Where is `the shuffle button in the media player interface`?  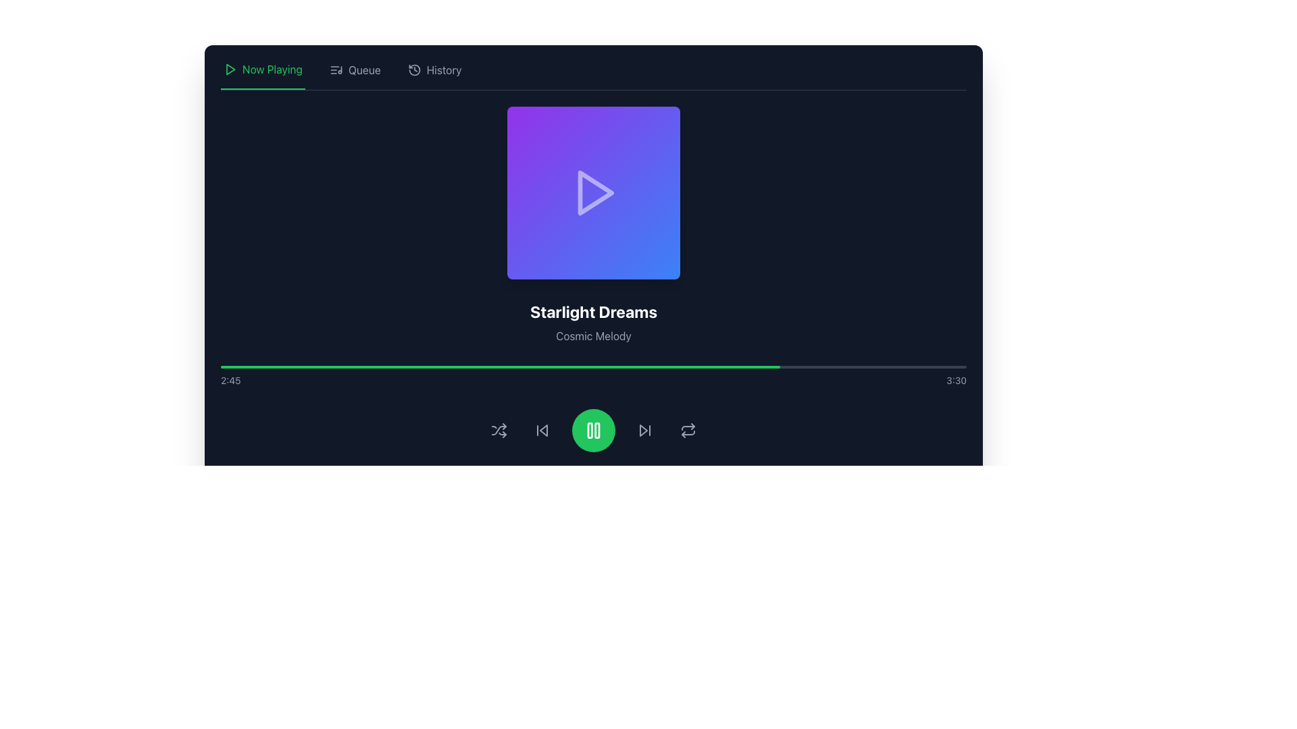 the shuffle button in the media player interface is located at coordinates (499, 430).